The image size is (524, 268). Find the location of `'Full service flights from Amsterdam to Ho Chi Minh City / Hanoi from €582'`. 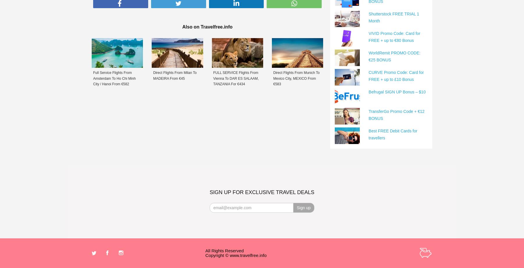

'Full service flights from Amsterdam to Ho Chi Minh City / Hanoi from €582' is located at coordinates (114, 78).